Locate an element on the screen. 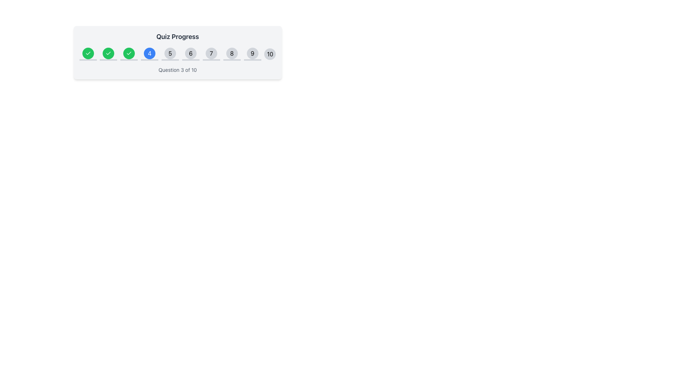 This screenshot has width=694, height=390. the gray circular button containing the number '7' is located at coordinates (211, 54).